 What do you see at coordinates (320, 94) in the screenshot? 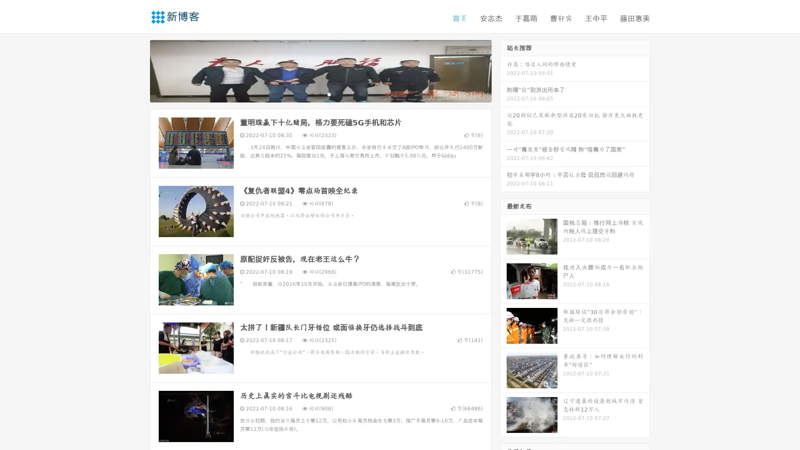
I see `Go to slide 2` at bounding box center [320, 94].